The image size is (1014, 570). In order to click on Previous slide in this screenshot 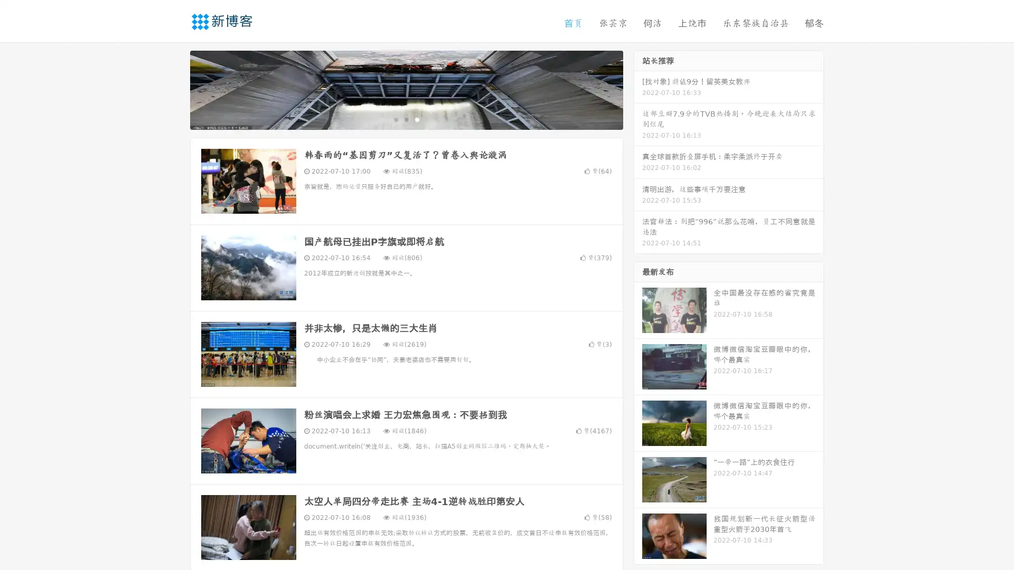, I will do `click(174, 89)`.